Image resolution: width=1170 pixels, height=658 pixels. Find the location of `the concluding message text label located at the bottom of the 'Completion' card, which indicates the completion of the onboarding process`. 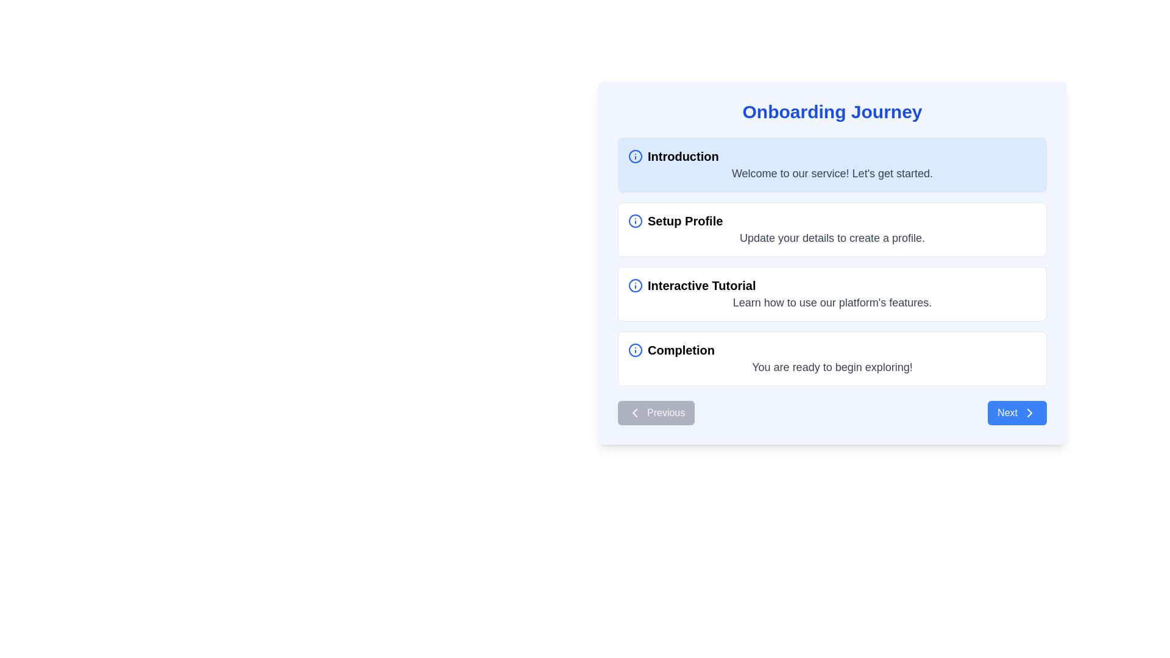

the concluding message text label located at the bottom of the 'Completion' card, which indicates the completion of the onboarding process is located at coordinates (832, 366).